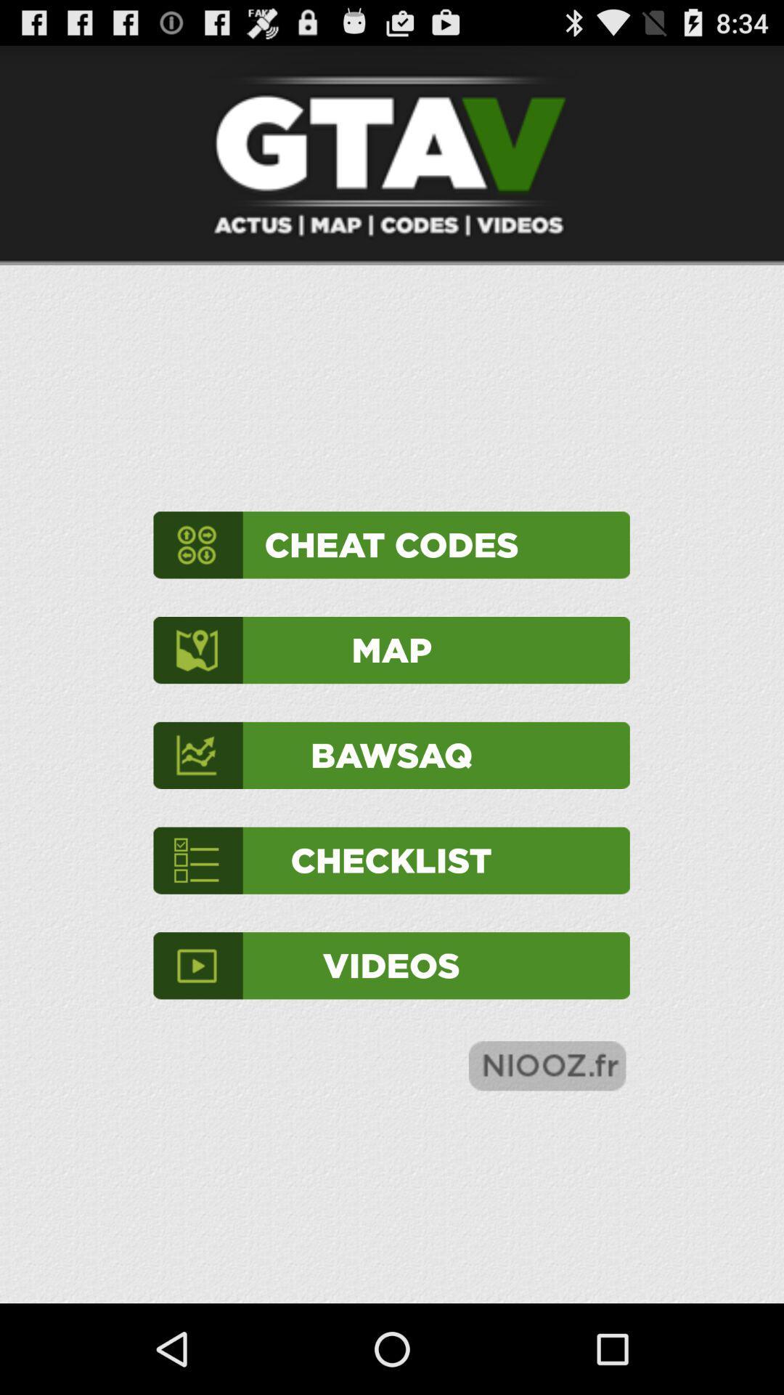  I want to click on bawsaq item, so click(391, 755).